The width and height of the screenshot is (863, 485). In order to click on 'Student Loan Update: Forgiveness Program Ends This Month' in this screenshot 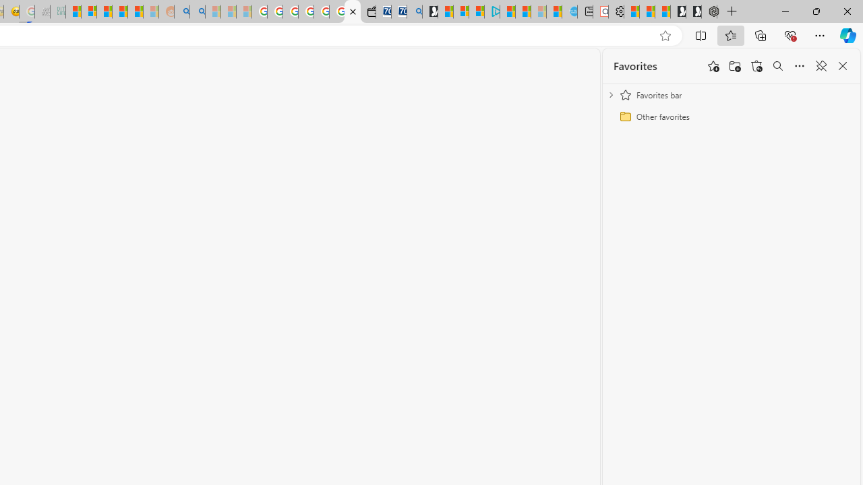, I will do `click(135, 11)`.